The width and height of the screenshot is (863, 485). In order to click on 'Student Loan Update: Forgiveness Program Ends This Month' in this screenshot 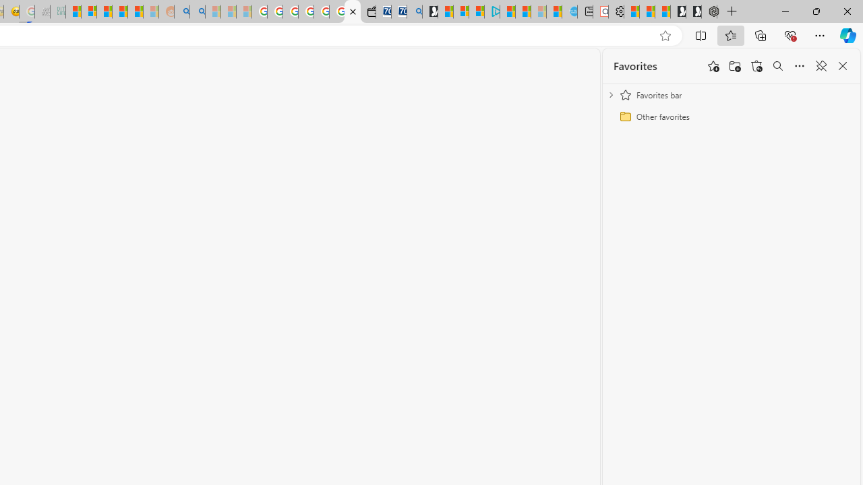, I will do `click(135, 11)`.